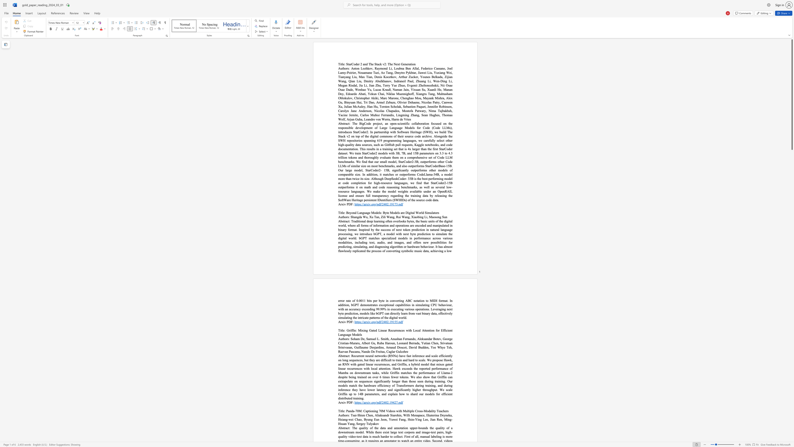 The image size is (794, 447). Describe the element at coordinates (792, 318) in the screenshot. I see `the scrollbar to scroll downward` at that location.